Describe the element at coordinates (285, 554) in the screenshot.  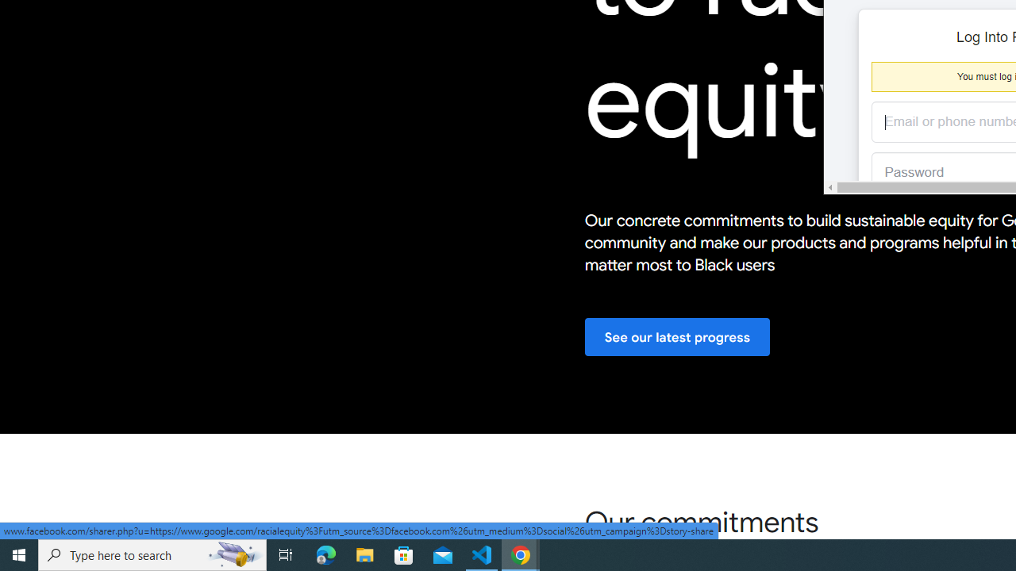
I see `'Task View'` at that location.